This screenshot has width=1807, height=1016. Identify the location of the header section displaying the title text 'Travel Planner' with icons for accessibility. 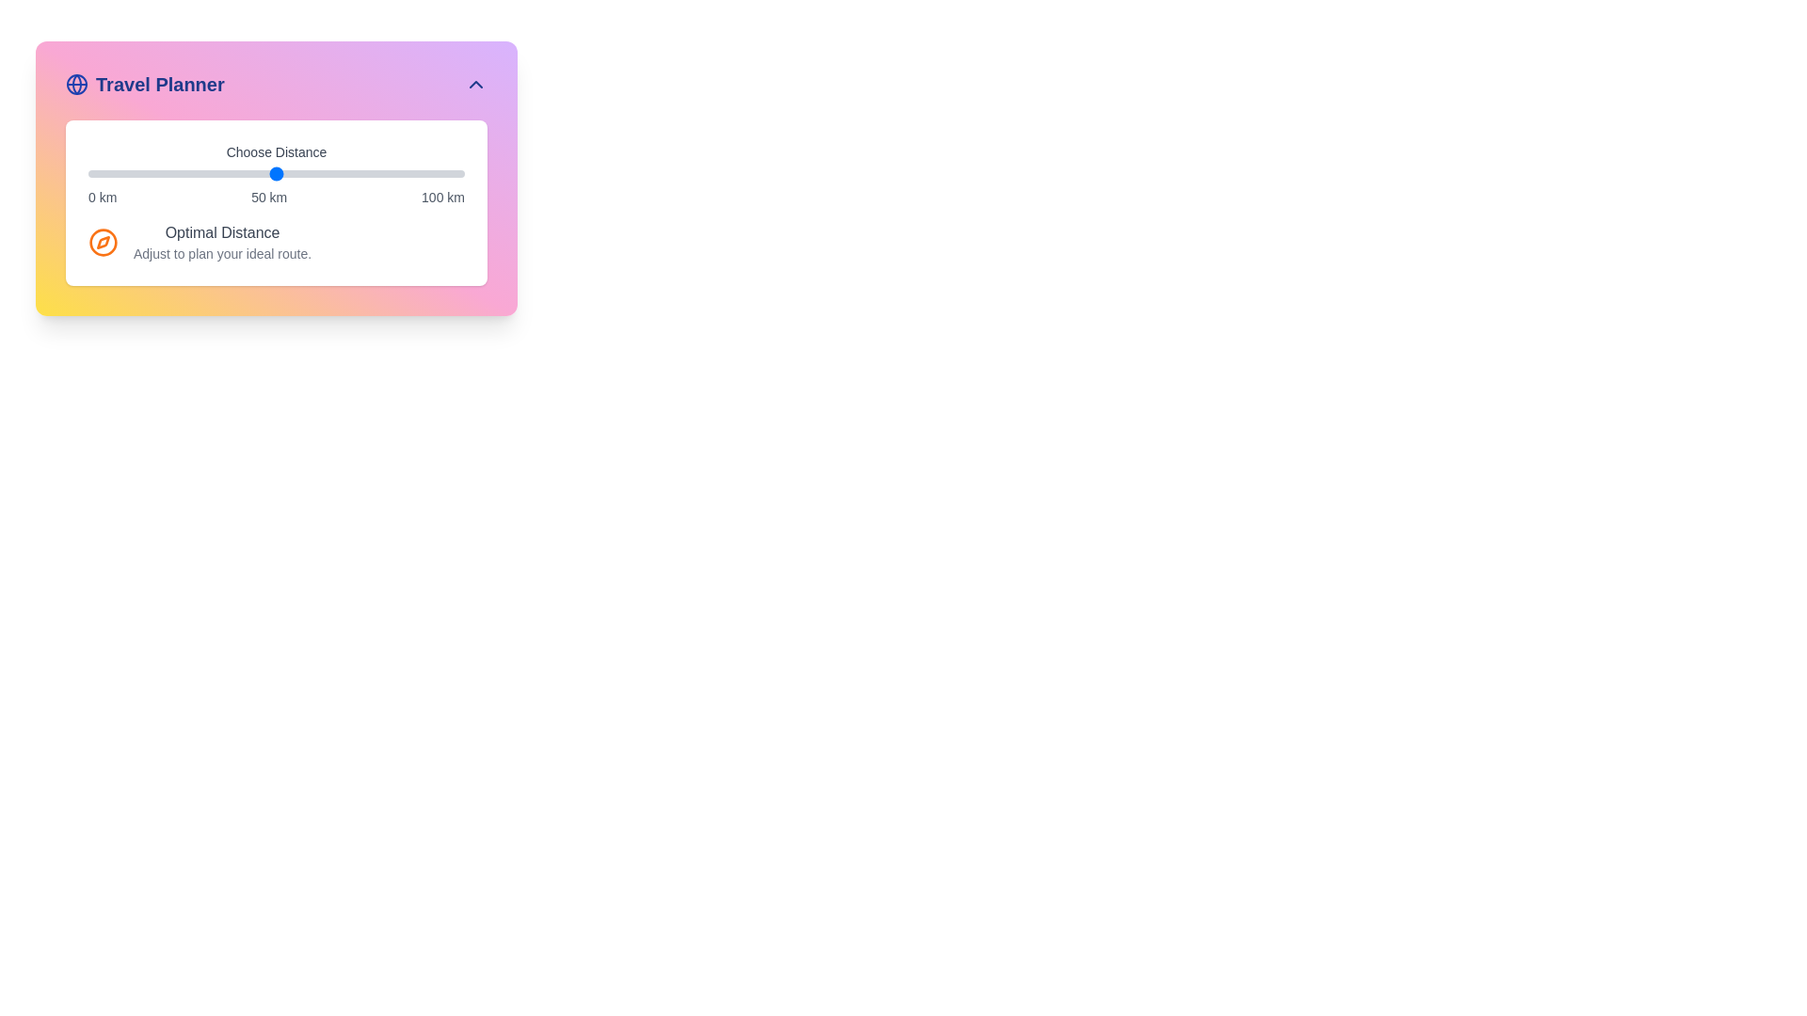
(275, 83).